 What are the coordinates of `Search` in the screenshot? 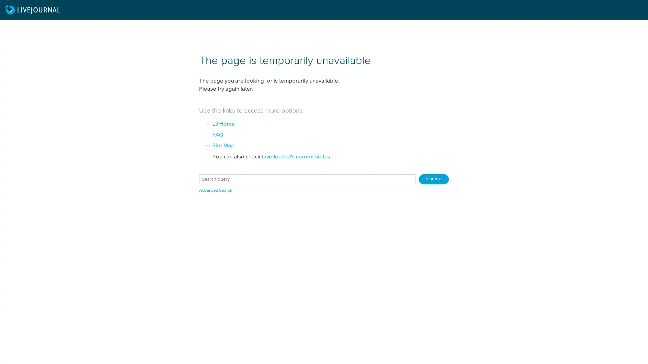 It's located at (434, 179).